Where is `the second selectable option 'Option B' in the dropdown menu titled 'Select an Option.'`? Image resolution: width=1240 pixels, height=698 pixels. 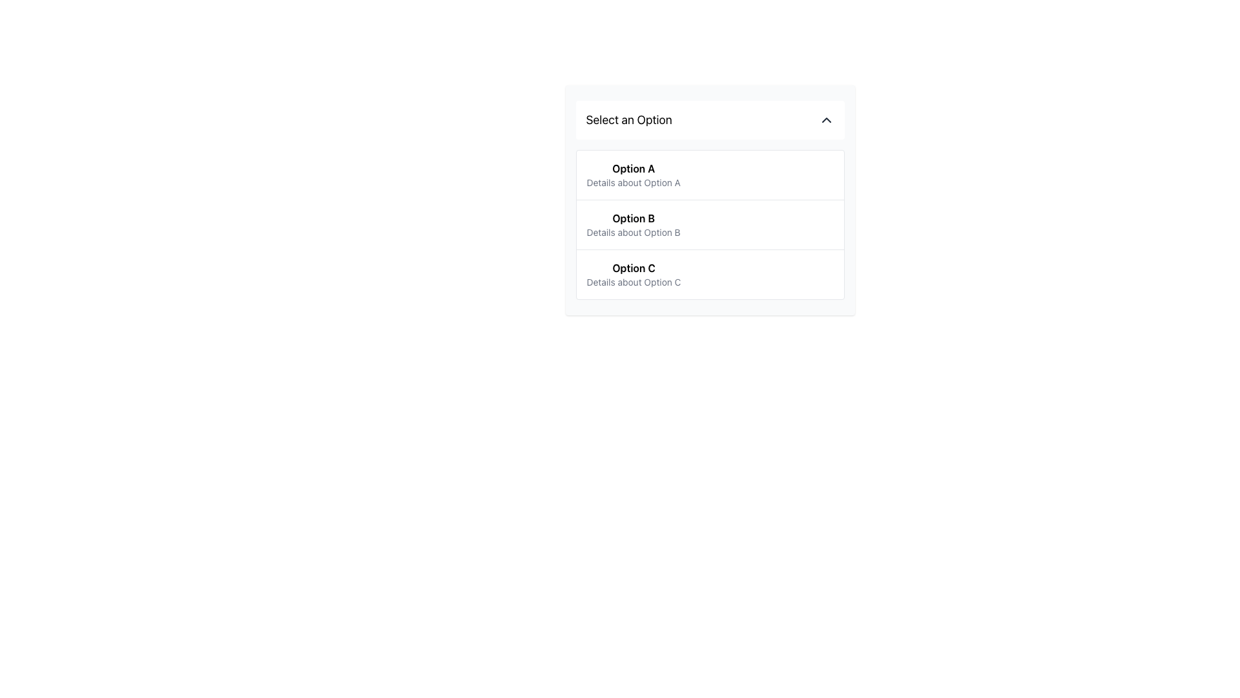
the second selectable option 'Option B' in the dropdown menu titled 'Select an Option.' is located at coordinates (634, 224).